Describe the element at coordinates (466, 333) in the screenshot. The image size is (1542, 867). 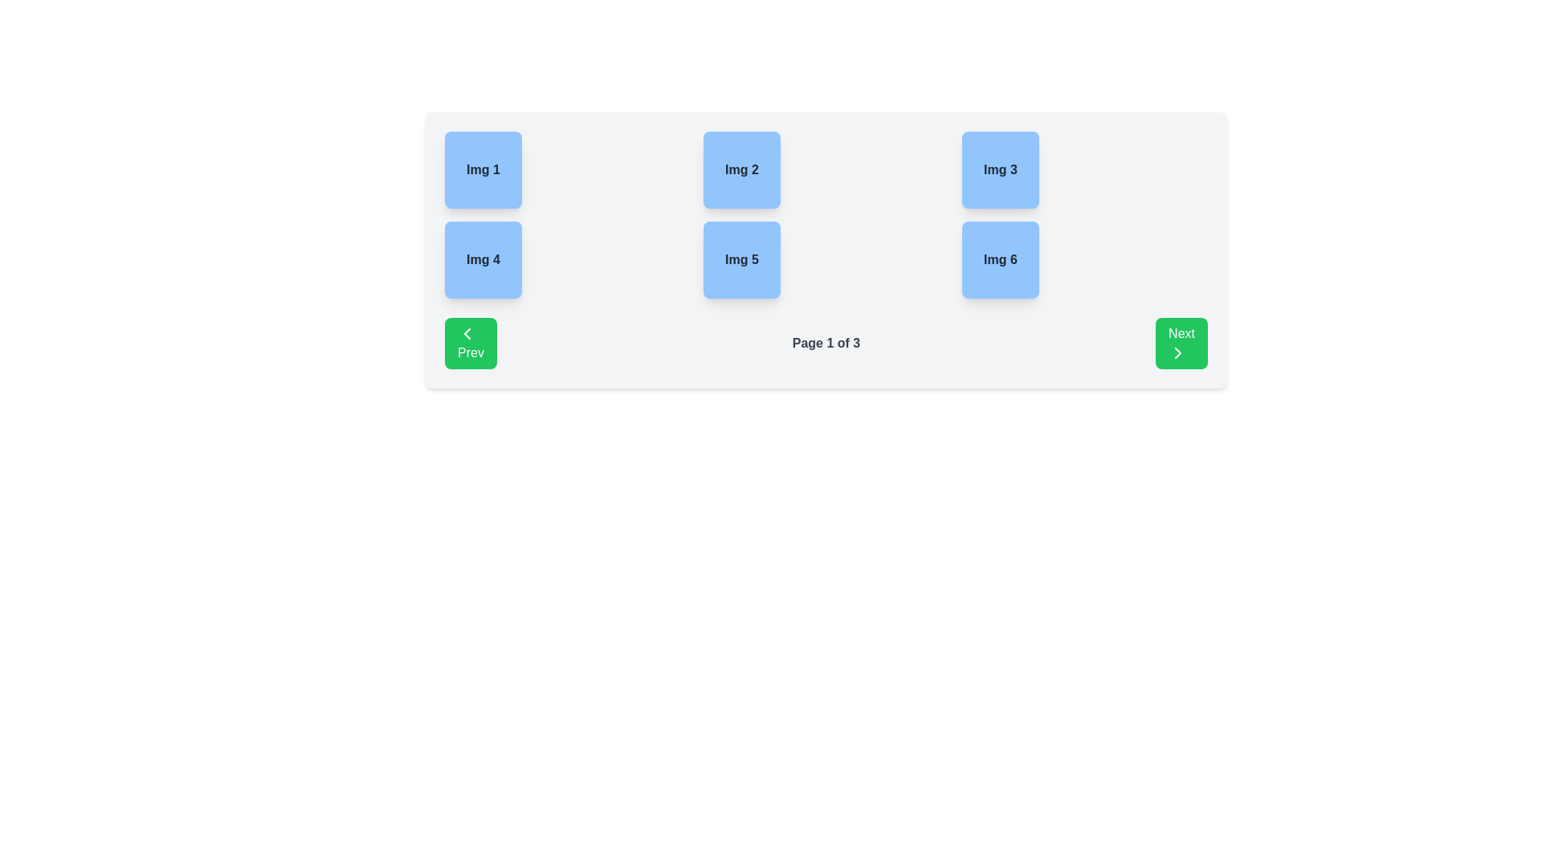
I see `the left arrow icon with a green background, which is part of the 'Prev' button located at the bottom left corner of the interface` at that location.